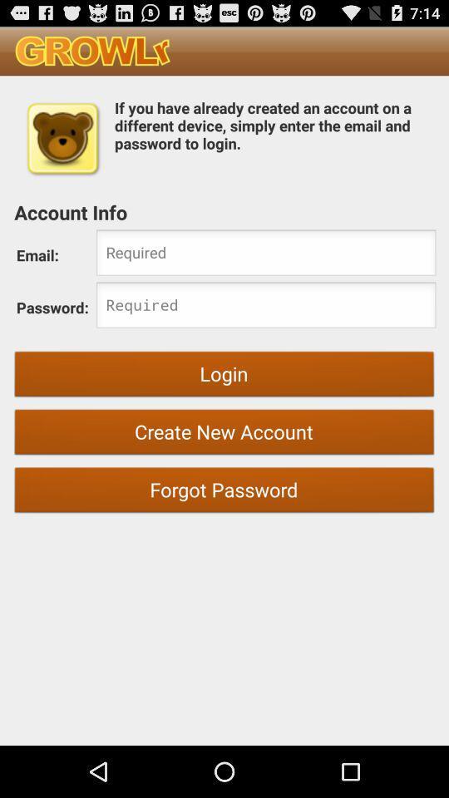 This screenshot has width=449, height=798. What do you see at coordinates (266, 254) in the screenshot?
I see `the text field which is next to the email` at bounding box center [266, 254].